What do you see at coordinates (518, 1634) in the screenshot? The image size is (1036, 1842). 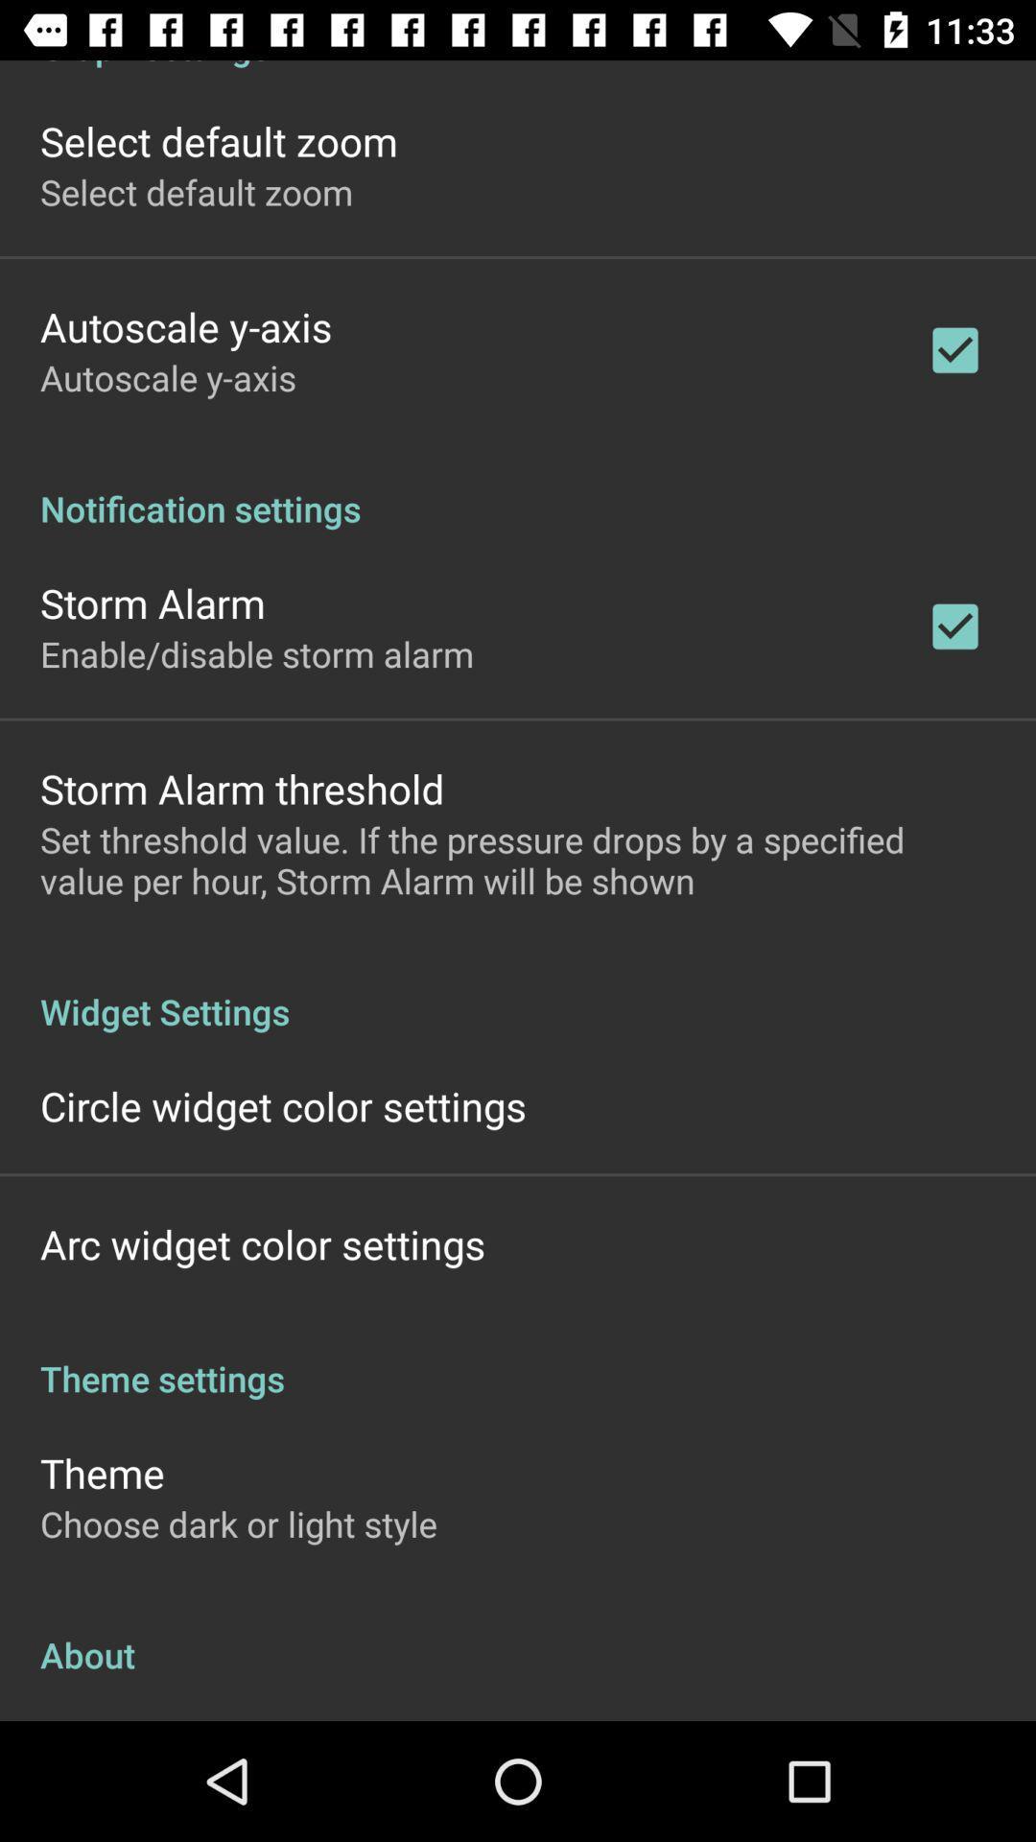 I see `the about item` at bounding box center [518, 1634].